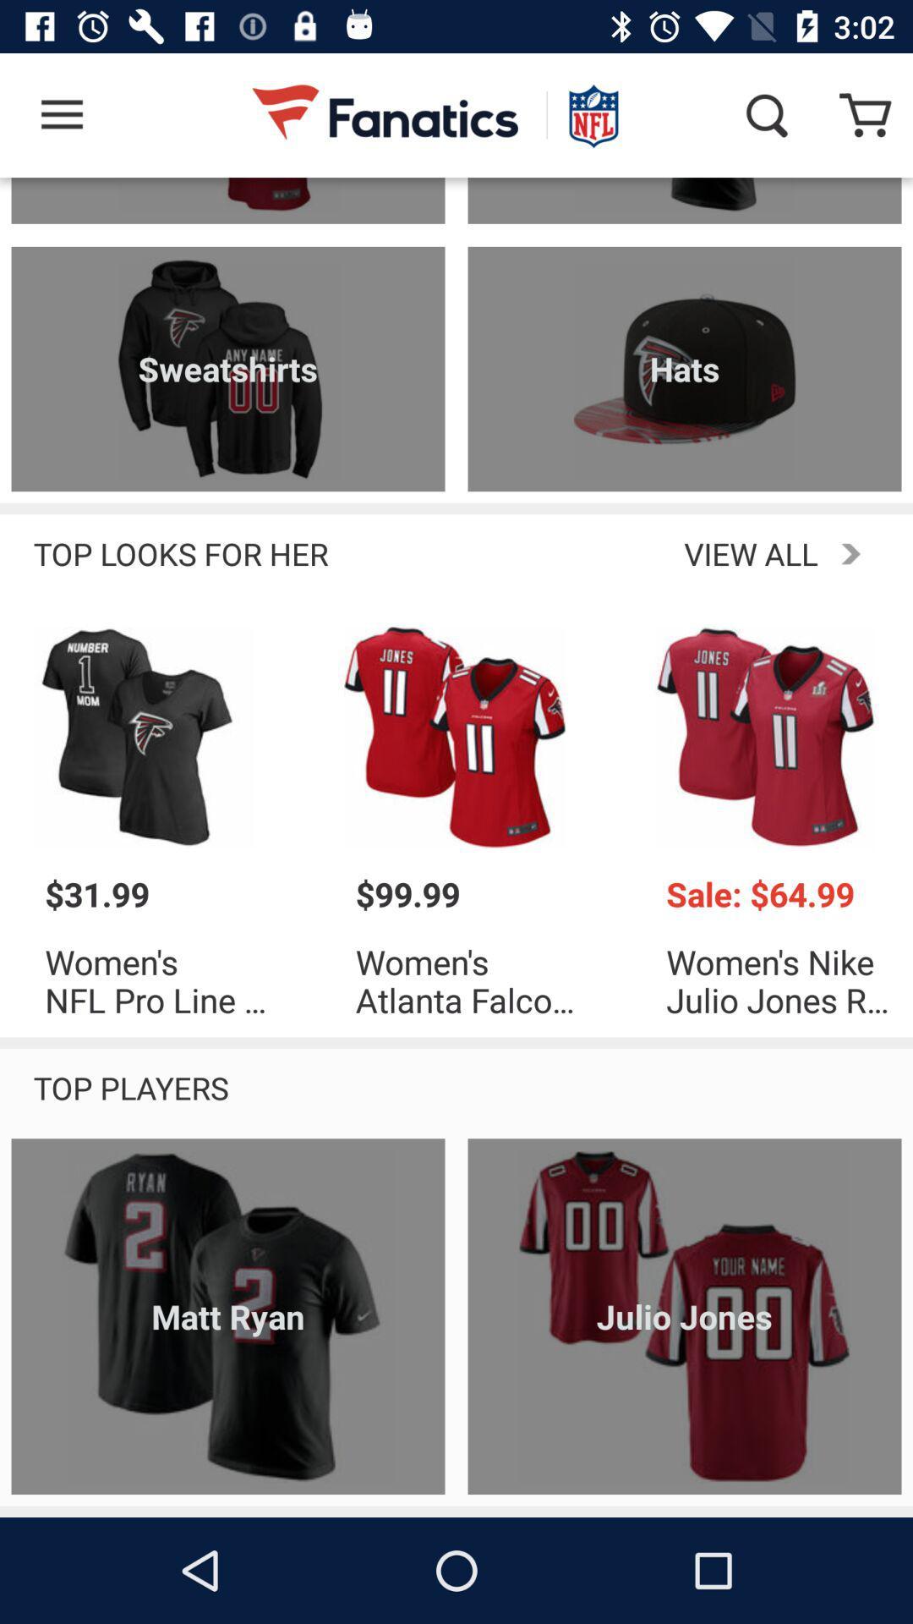 Image resolution: width=913 pixels, height=1624 pixels. I want to click on the item next to the top looks for icon, so click(615, 553).